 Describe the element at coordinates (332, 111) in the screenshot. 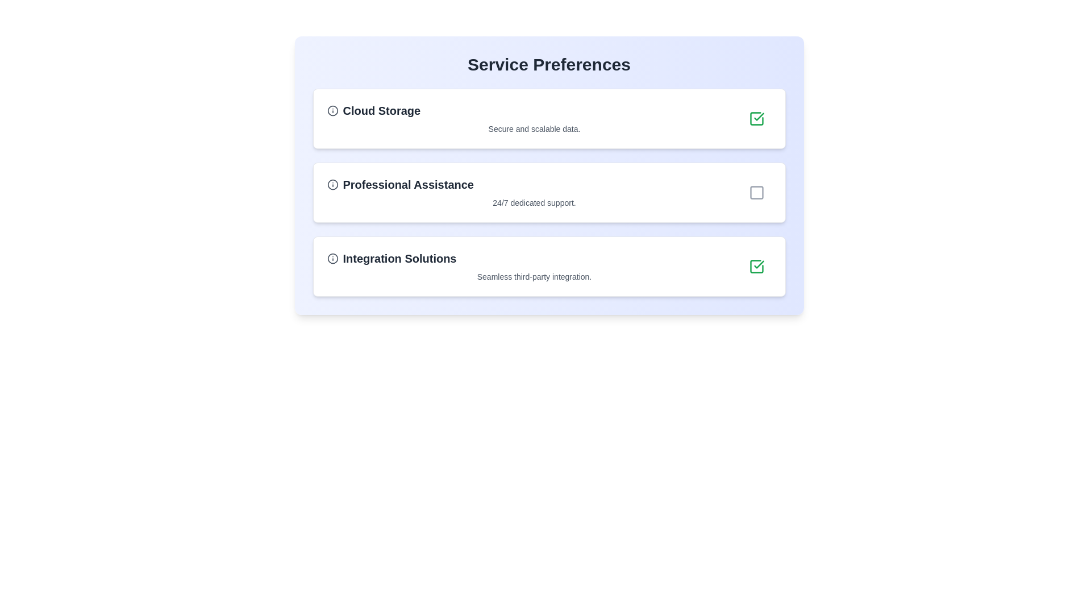

I see `the circular gray 'info' icon located to the left of the 'Cloud Storage' text label in the 'Service Preferences' section` at that location.